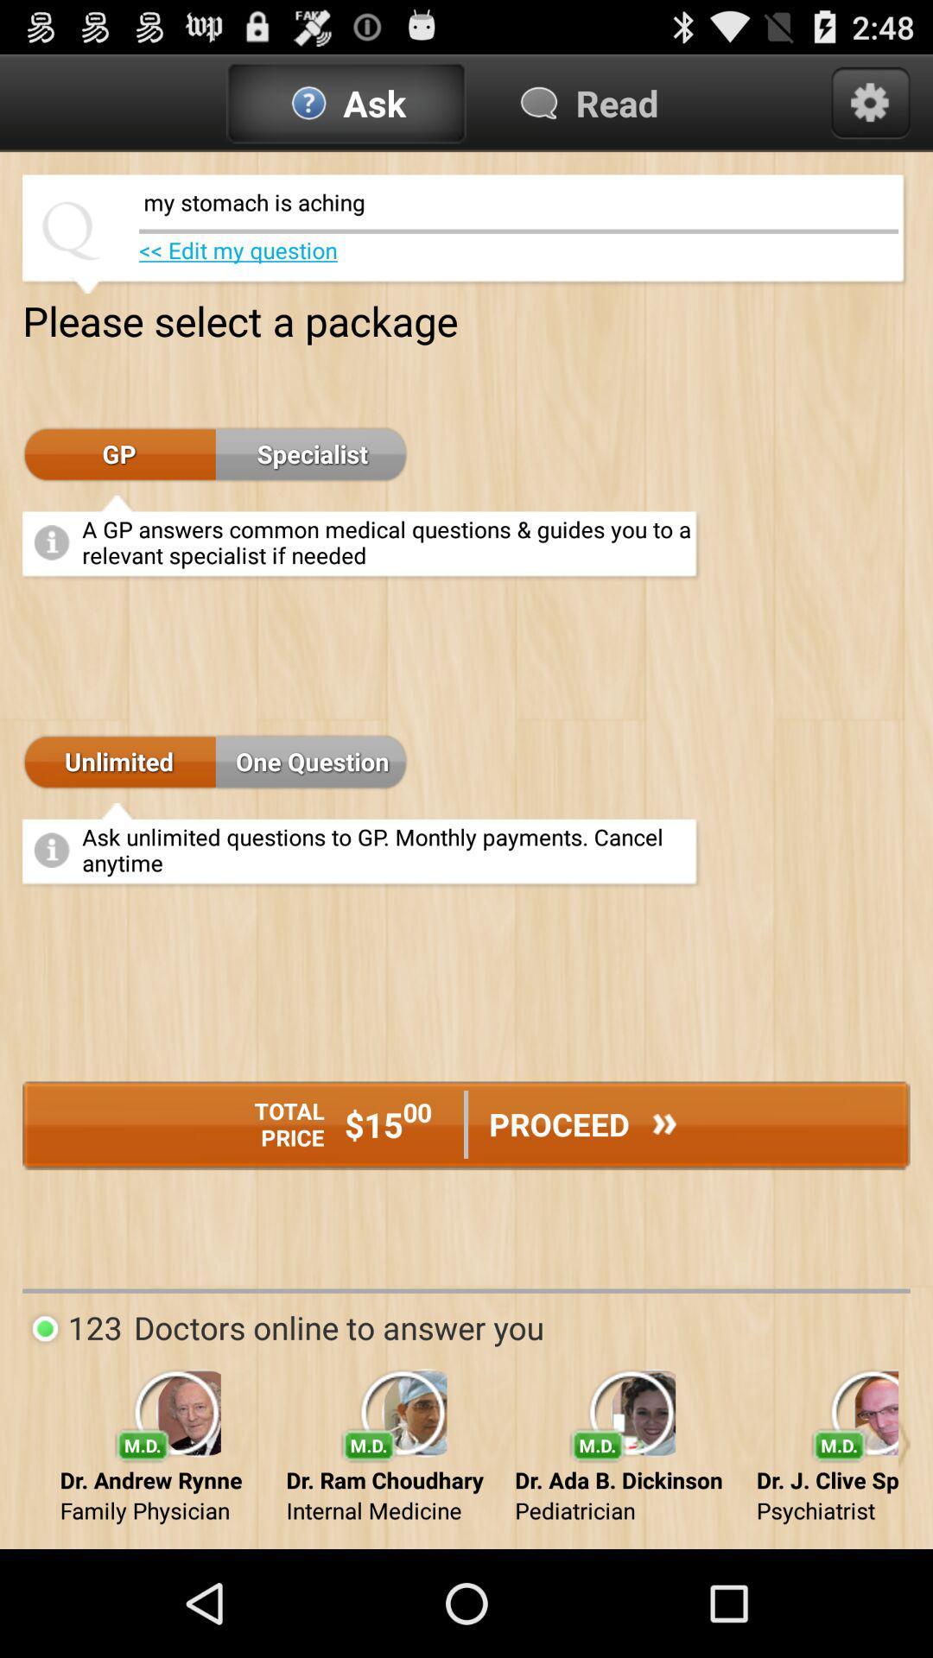 Image resolution: width=933 pixels, height=1658 pixels. I want to click on show settings, so click(870, 102).